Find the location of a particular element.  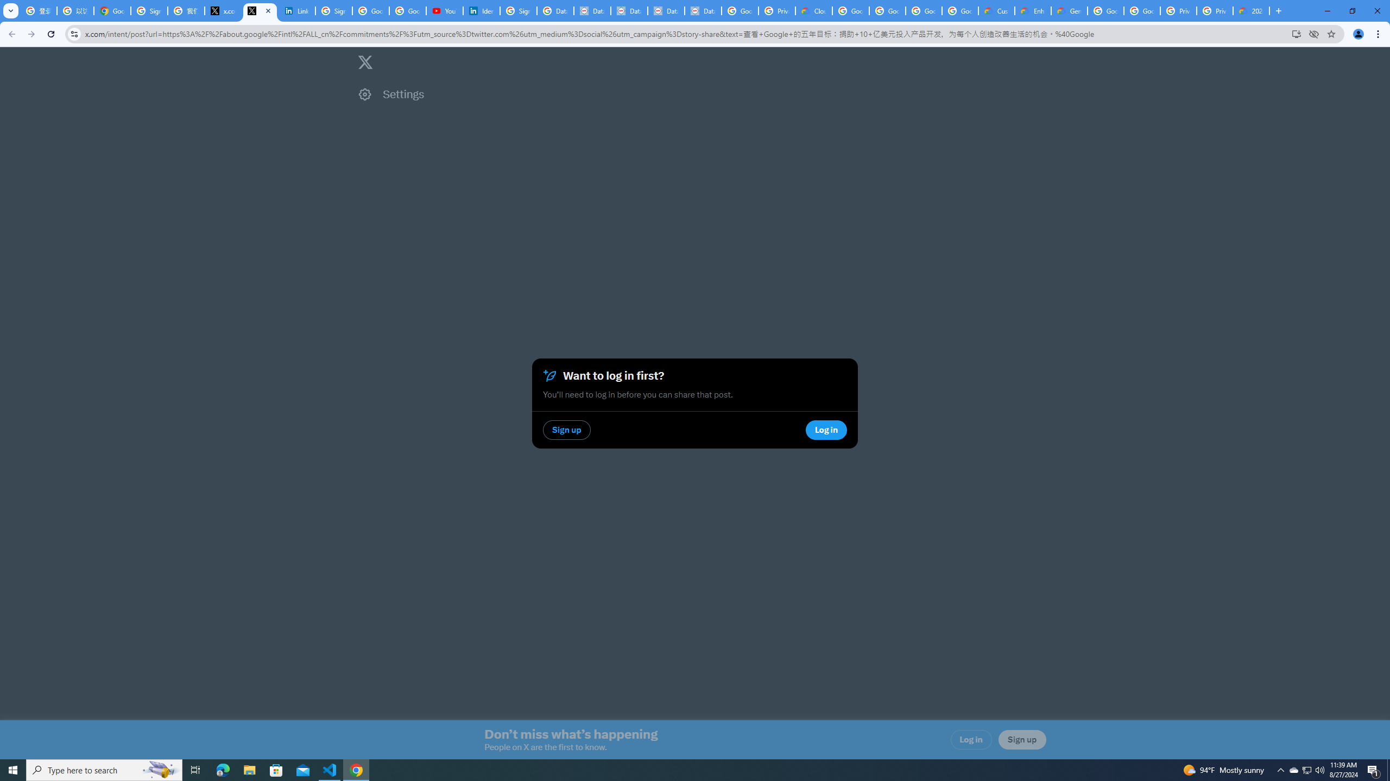

'Enhanced Support | Google Cloud' is located at coordinates (1033, 10).